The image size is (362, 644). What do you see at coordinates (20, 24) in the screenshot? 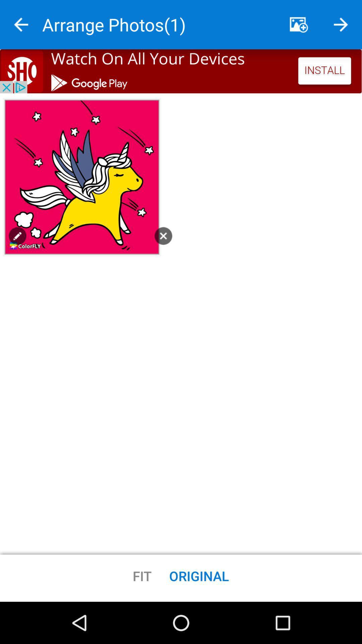
I see `go back` at bounding box center [20, 24].